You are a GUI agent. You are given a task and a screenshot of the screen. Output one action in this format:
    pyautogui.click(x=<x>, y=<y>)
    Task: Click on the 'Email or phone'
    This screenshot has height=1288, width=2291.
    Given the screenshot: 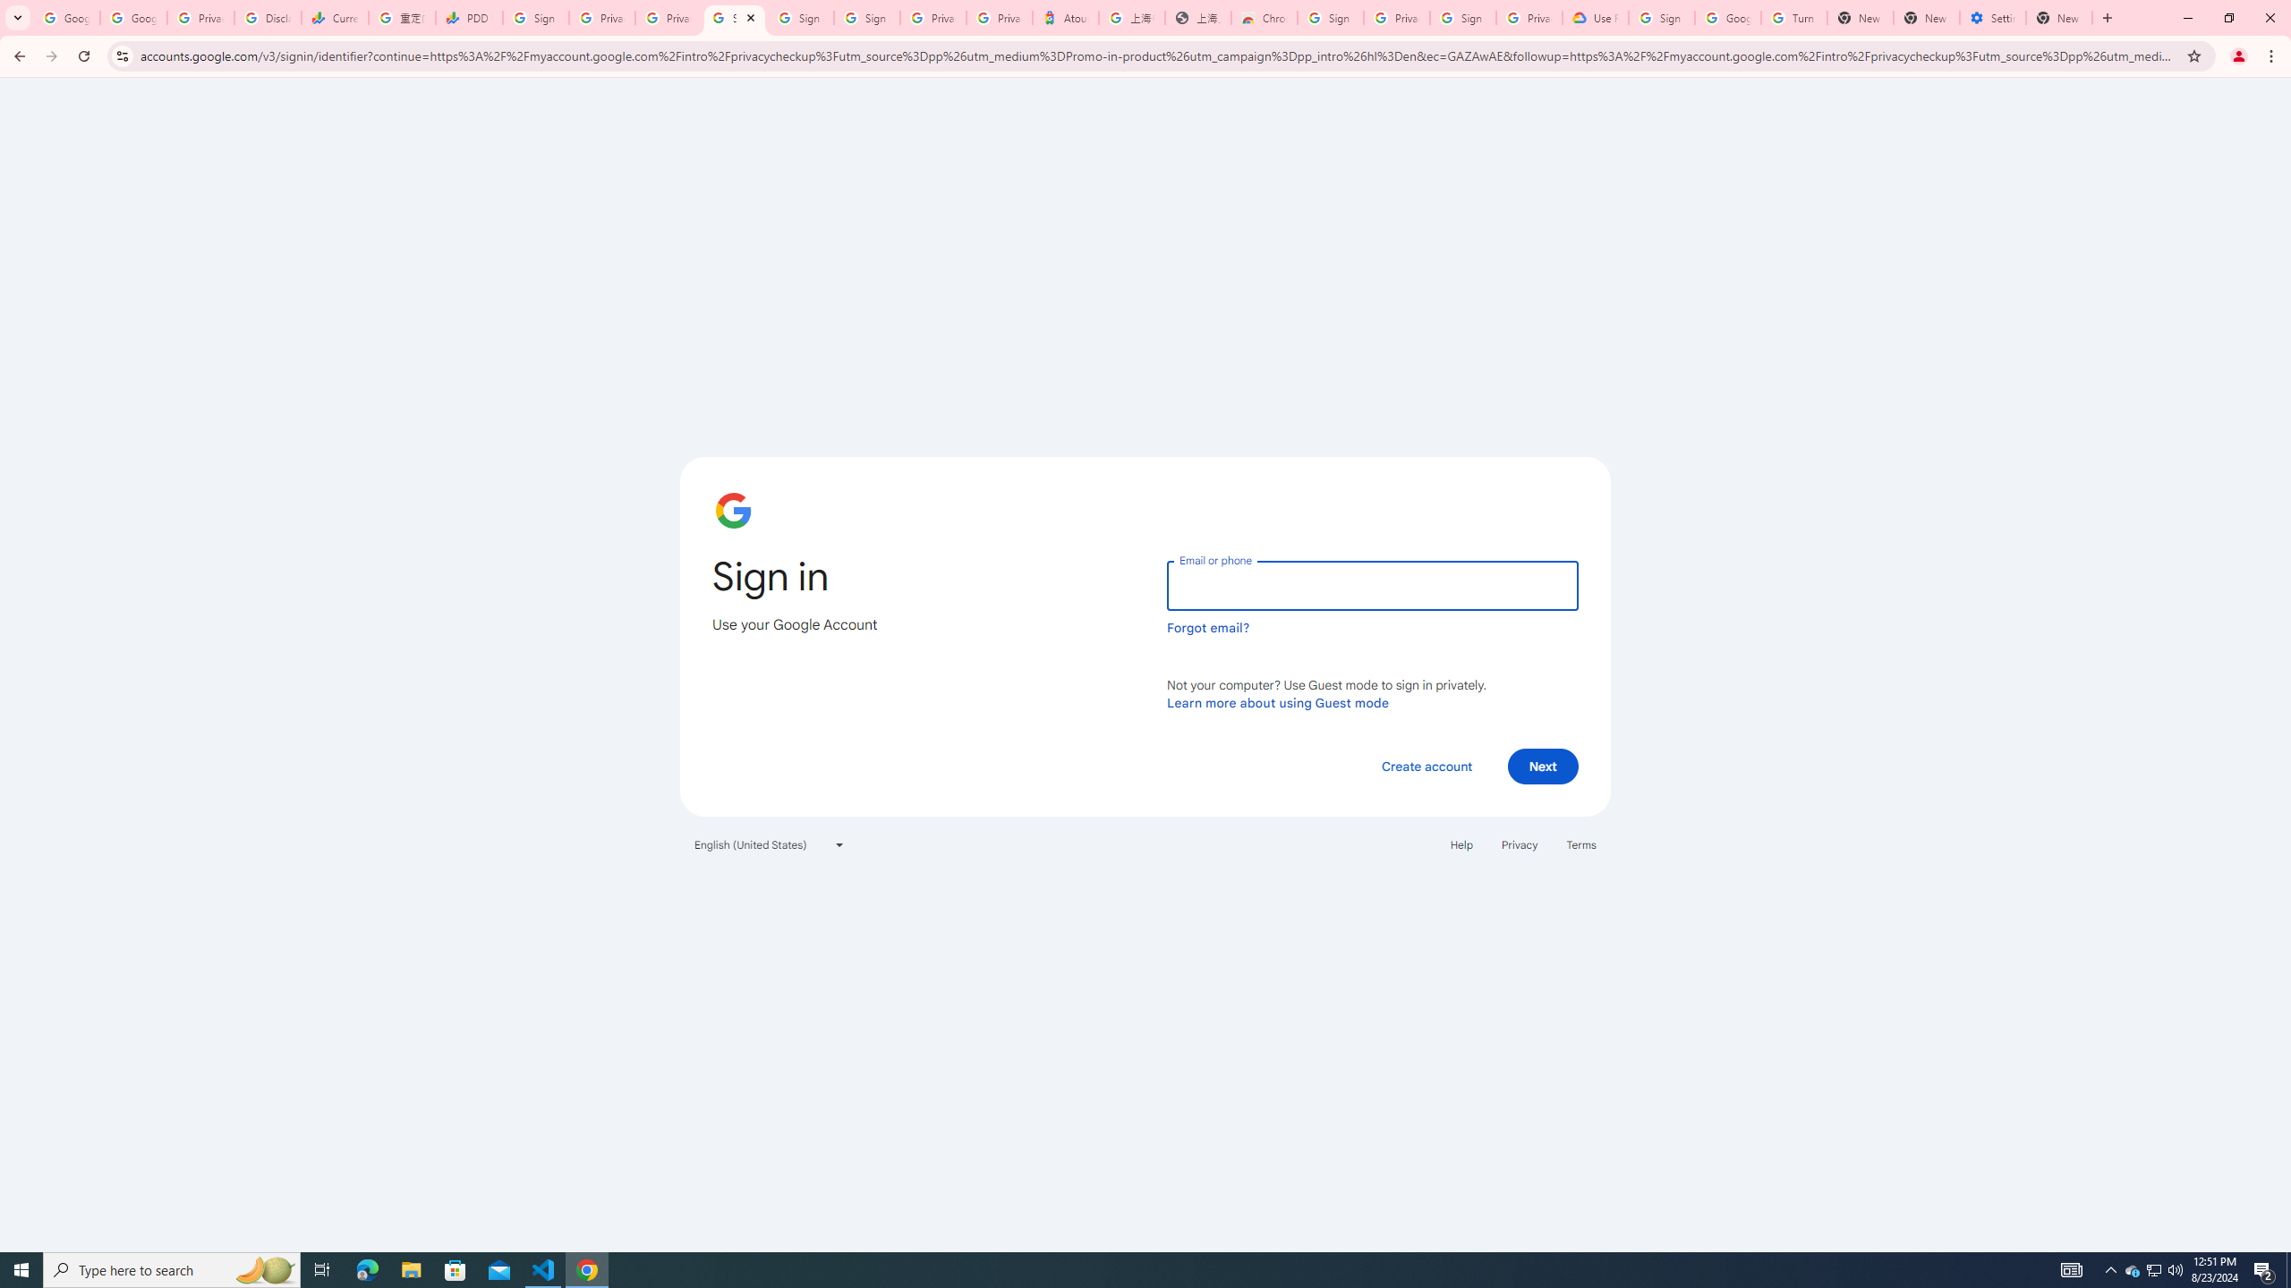 What is the action you would take?
    pyautogui.click(x=1371, y=585)
    